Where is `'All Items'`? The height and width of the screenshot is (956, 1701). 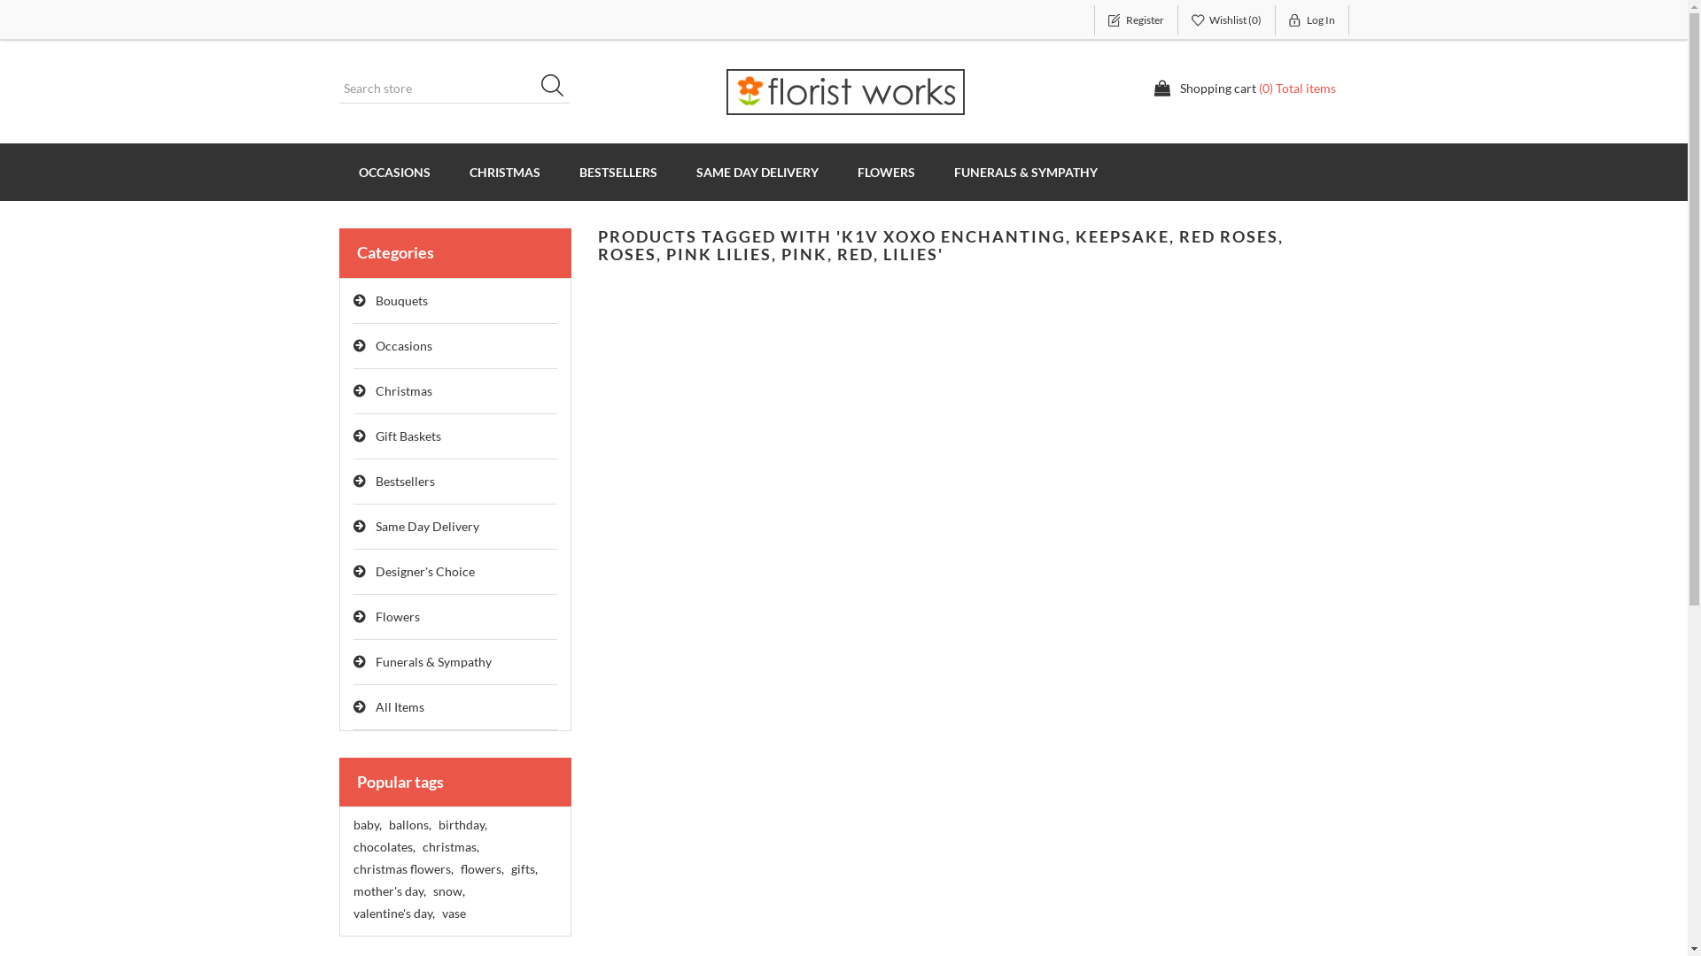 'All Items' is located at coordinates (353, 706).